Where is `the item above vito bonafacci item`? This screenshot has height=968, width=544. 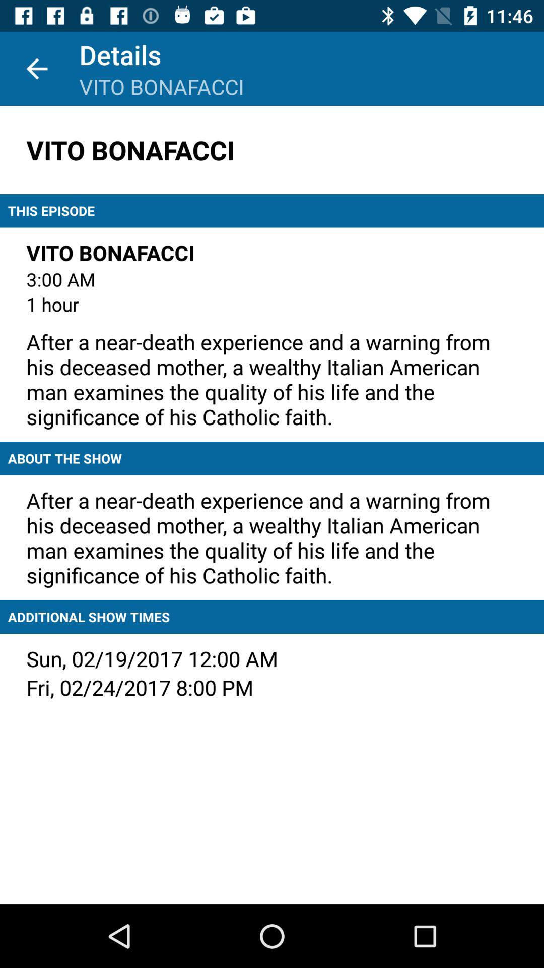
the item above vito bonafacci item is located at coordinates (36, 68).